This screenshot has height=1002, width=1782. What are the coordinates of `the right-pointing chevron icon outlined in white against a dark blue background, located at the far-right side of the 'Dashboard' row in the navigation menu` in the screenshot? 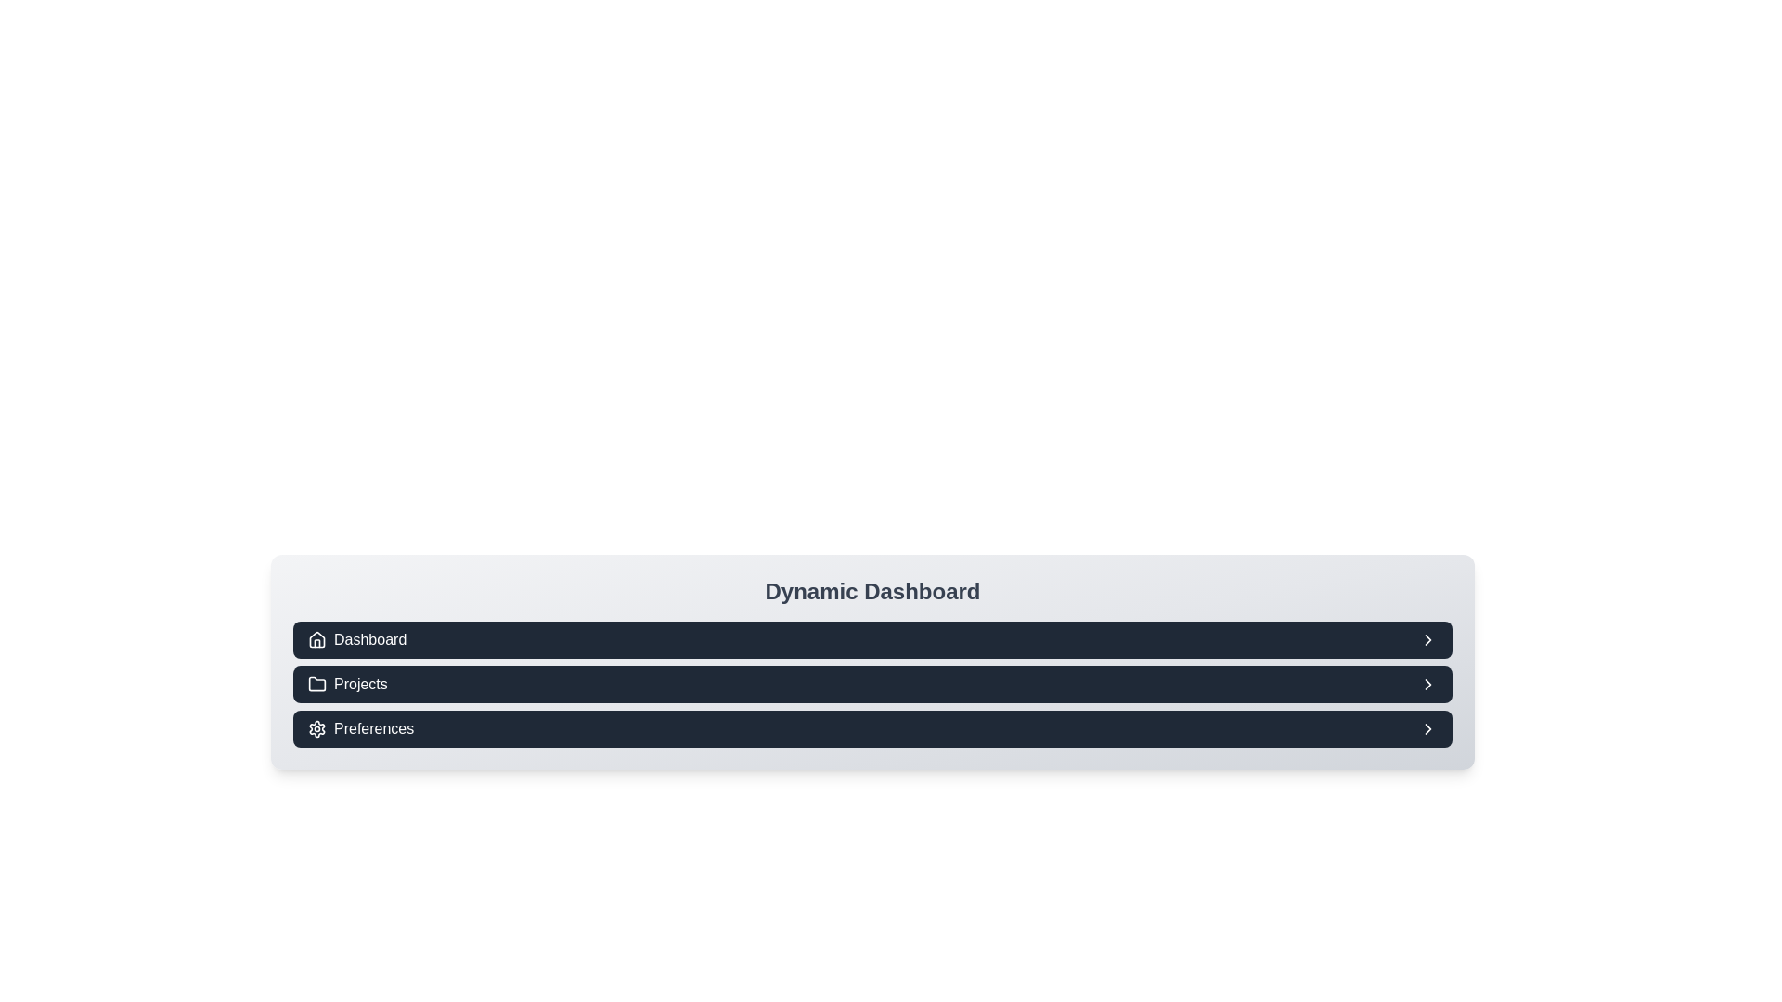 It's located at (1427, 639).